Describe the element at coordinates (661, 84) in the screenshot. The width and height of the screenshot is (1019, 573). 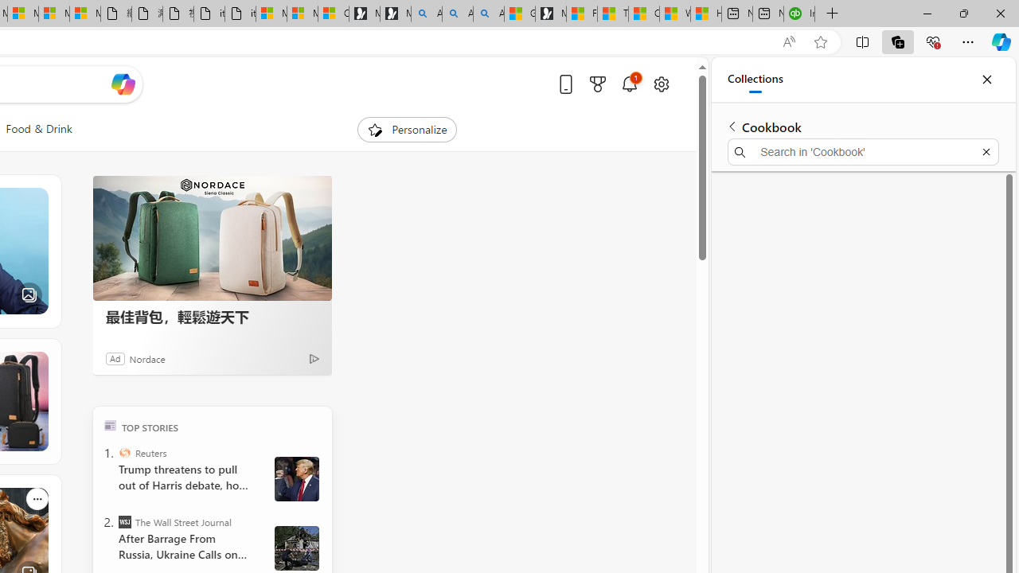
I see `'Open settings'` at that location.